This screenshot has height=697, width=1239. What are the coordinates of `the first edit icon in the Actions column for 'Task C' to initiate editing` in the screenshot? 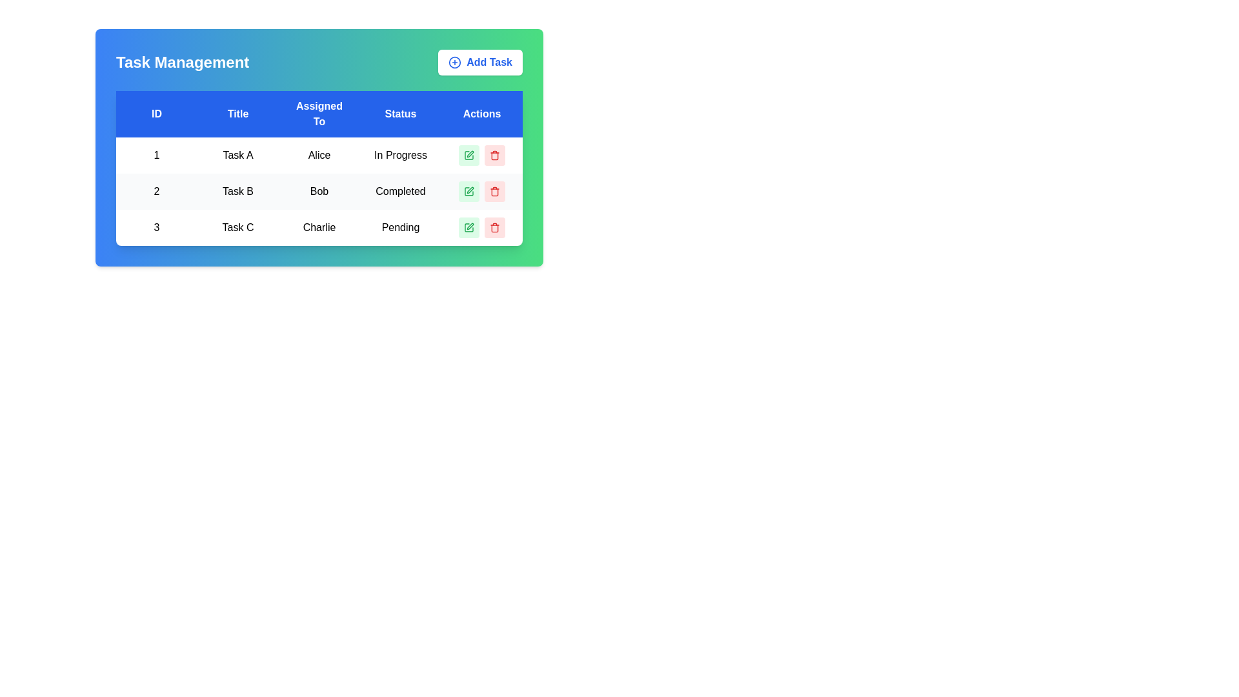 It's located at (468, 227).